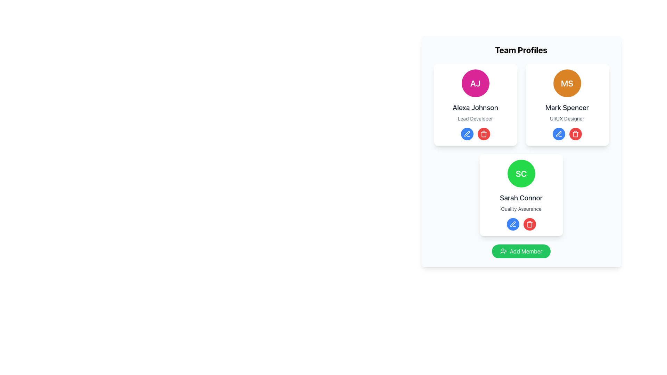 The image size is (667, 375). I want to click on the visual indicator or avatar for the 'Sarah Connor' profile located in the bottom right of the 'Team Profiles' section, above the name 'Sarah Connor' and role 'Quality Assurance', so click(521, 173).